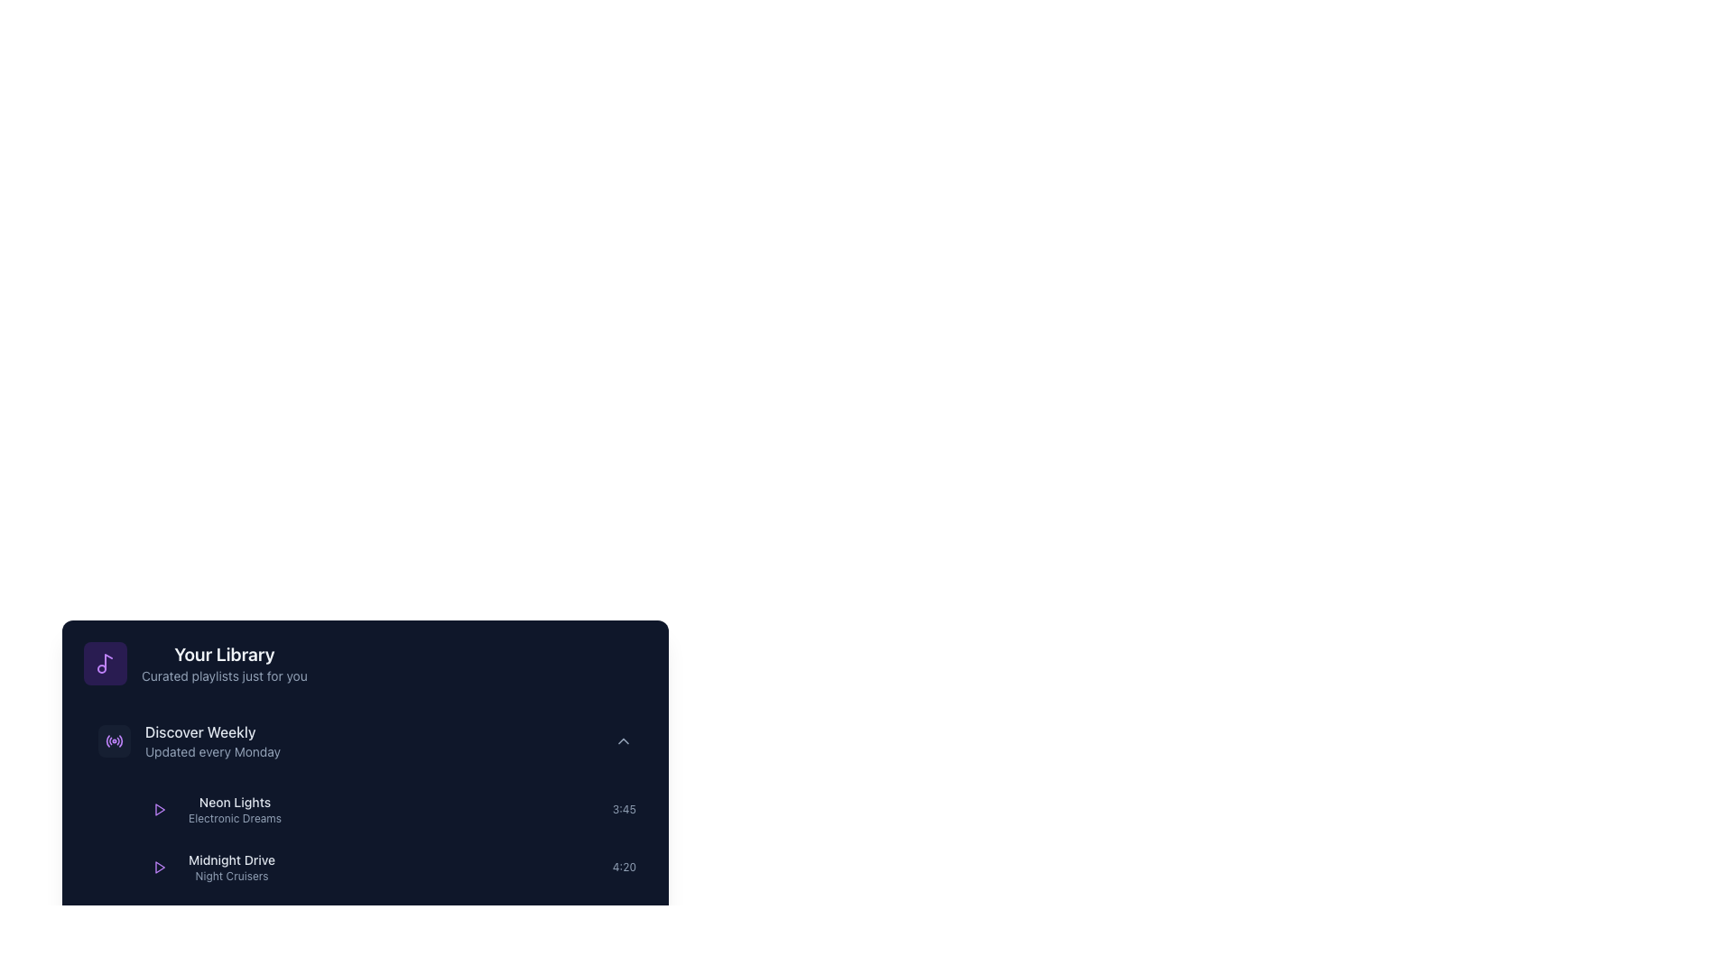  Describe the element at coordinates (231, 866) in the screenshot. I see `the clickable list item for the playlist named 'Midnight Drive' located in the lower section of the sidebar, specifically as the second entry under 'Discover Weekly.'` at that location.